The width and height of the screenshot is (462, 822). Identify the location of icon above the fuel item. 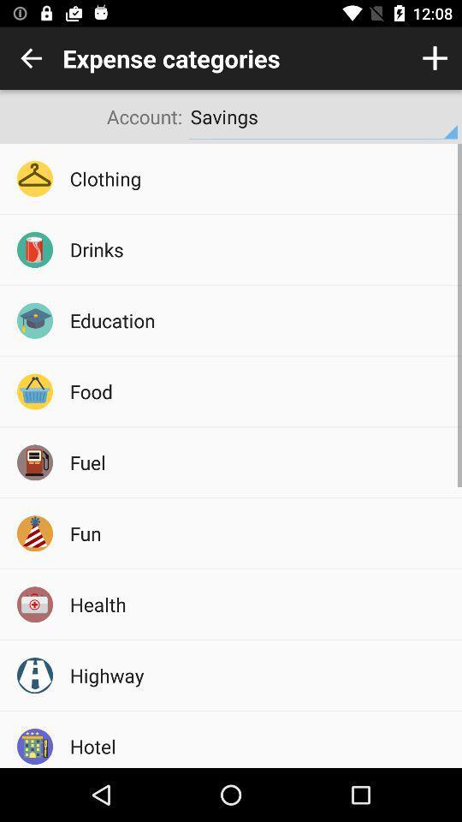
(259, 391).